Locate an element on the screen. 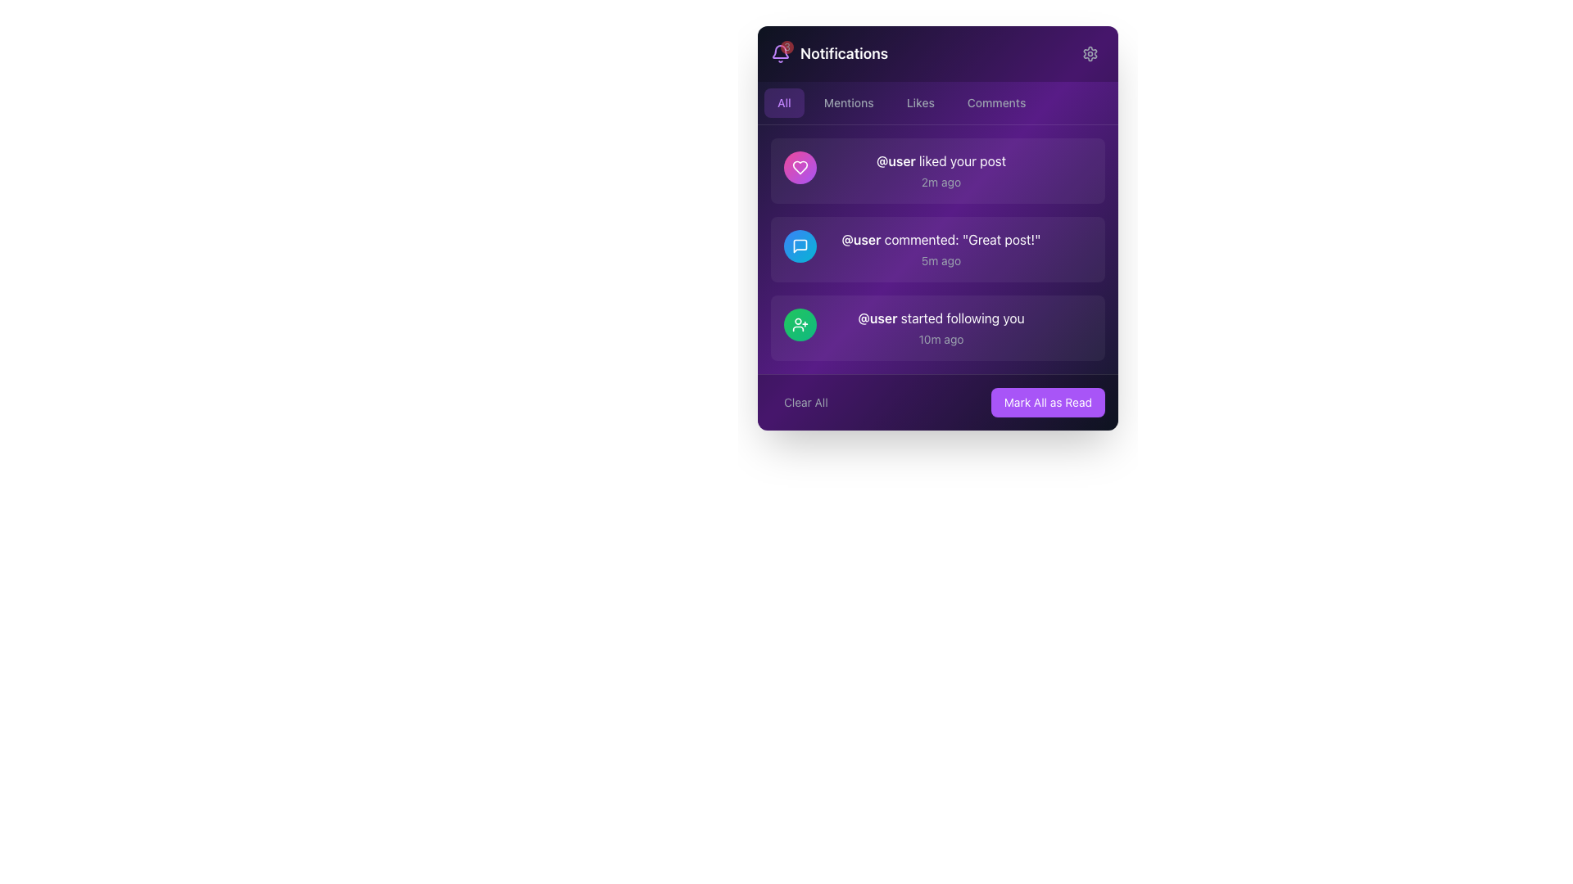  the comment notification icon positioned left of the text '@user commented: 'Great post!'' in the user notification panel is located at coordinates (800, 246).